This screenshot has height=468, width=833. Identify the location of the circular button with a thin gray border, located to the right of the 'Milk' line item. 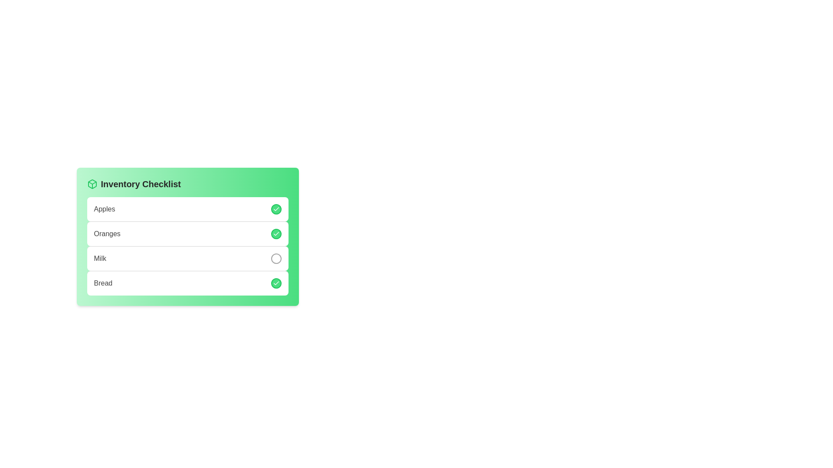
(275, 258).